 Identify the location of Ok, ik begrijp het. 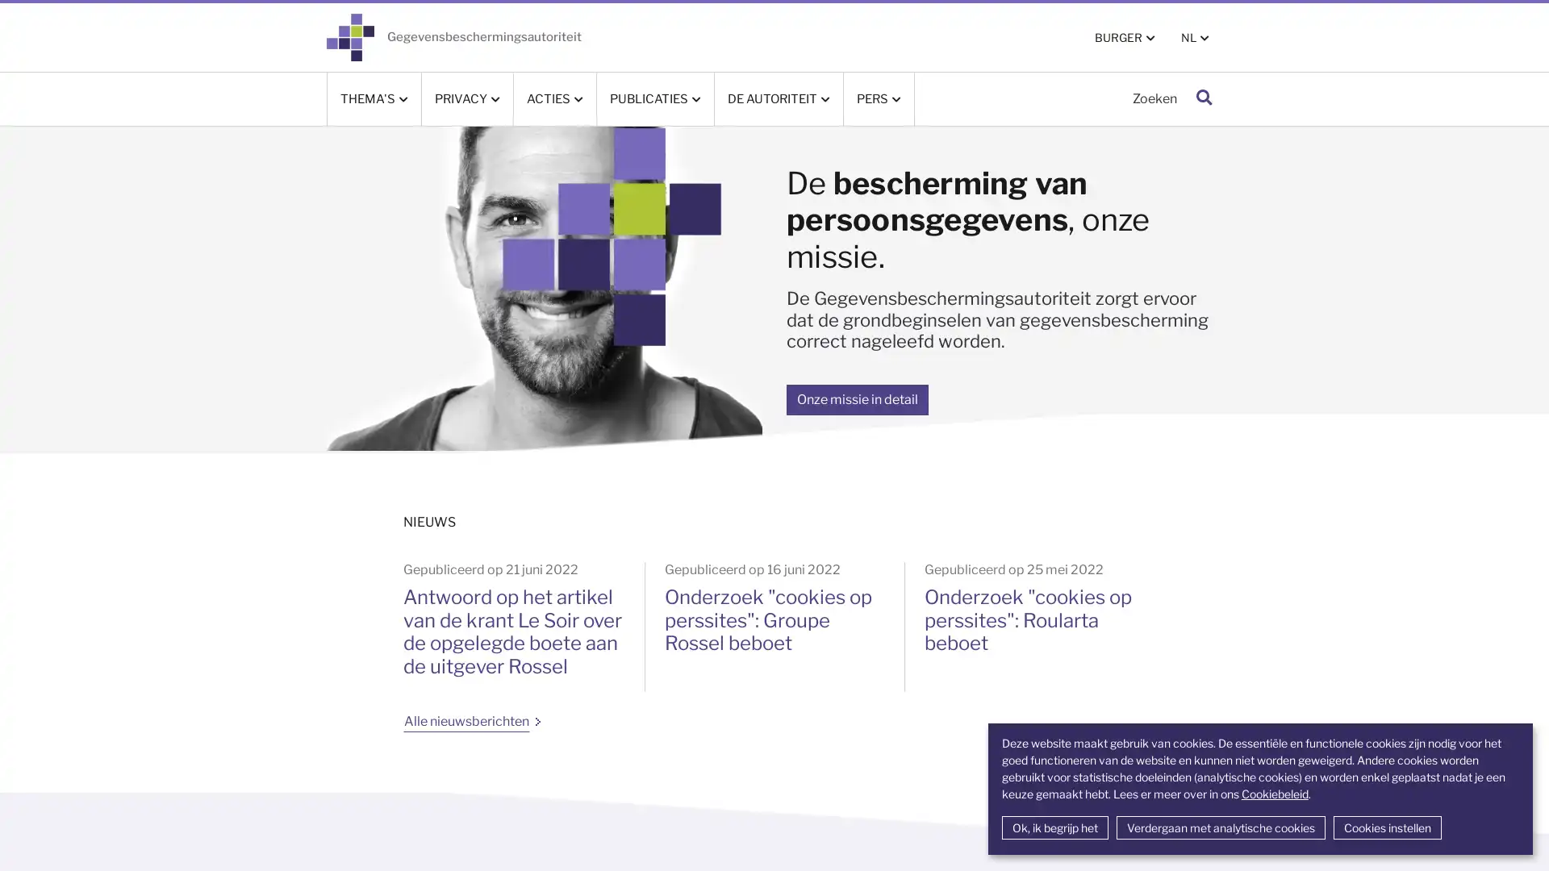
(1054, 827).